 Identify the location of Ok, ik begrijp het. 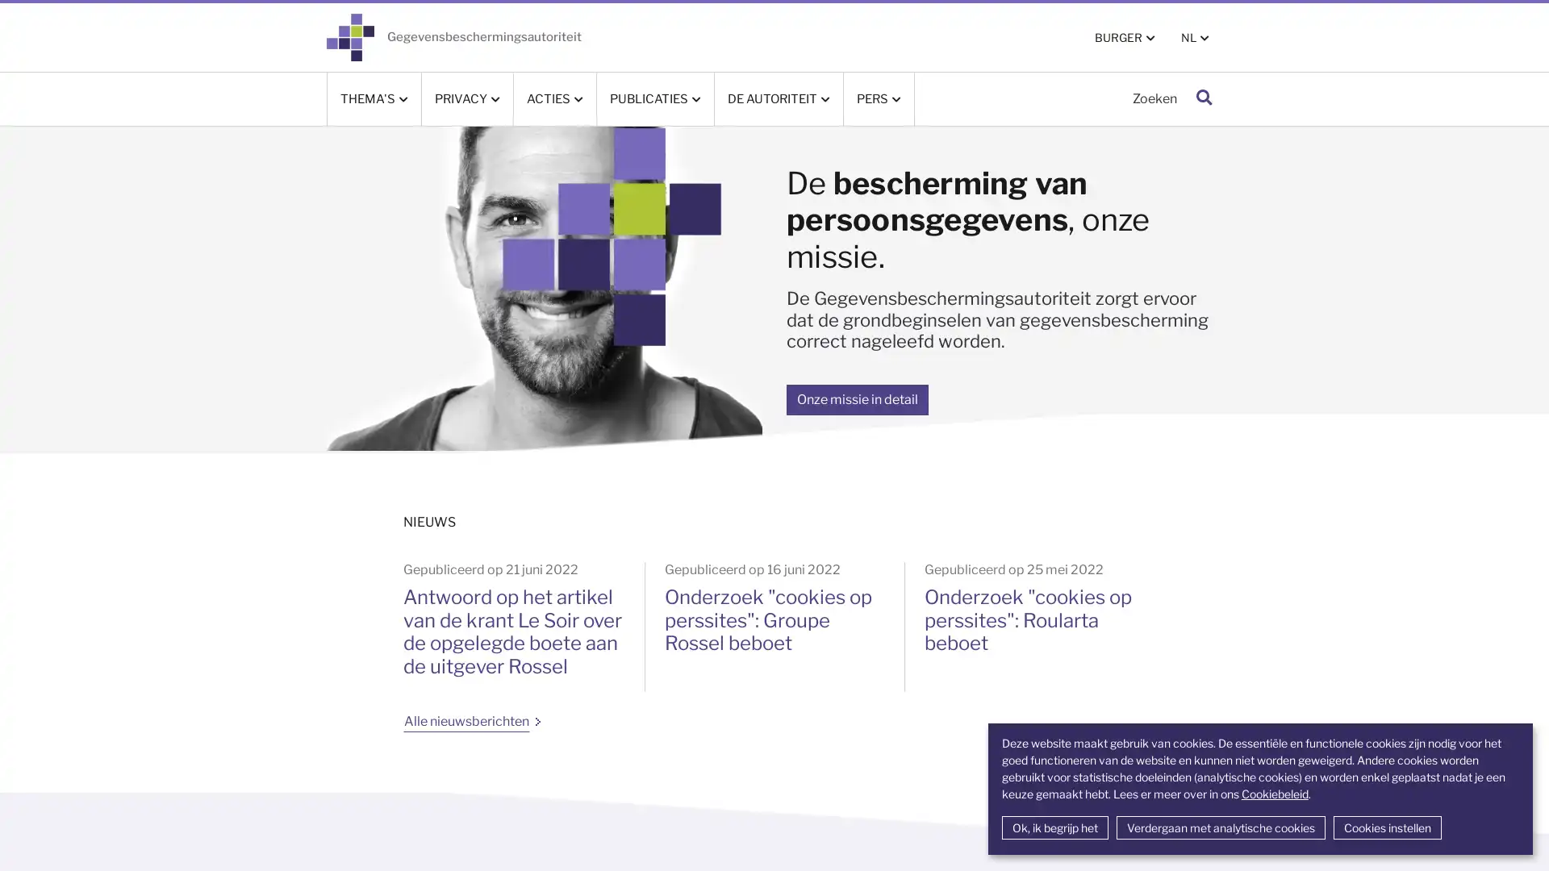
(1054, 827).